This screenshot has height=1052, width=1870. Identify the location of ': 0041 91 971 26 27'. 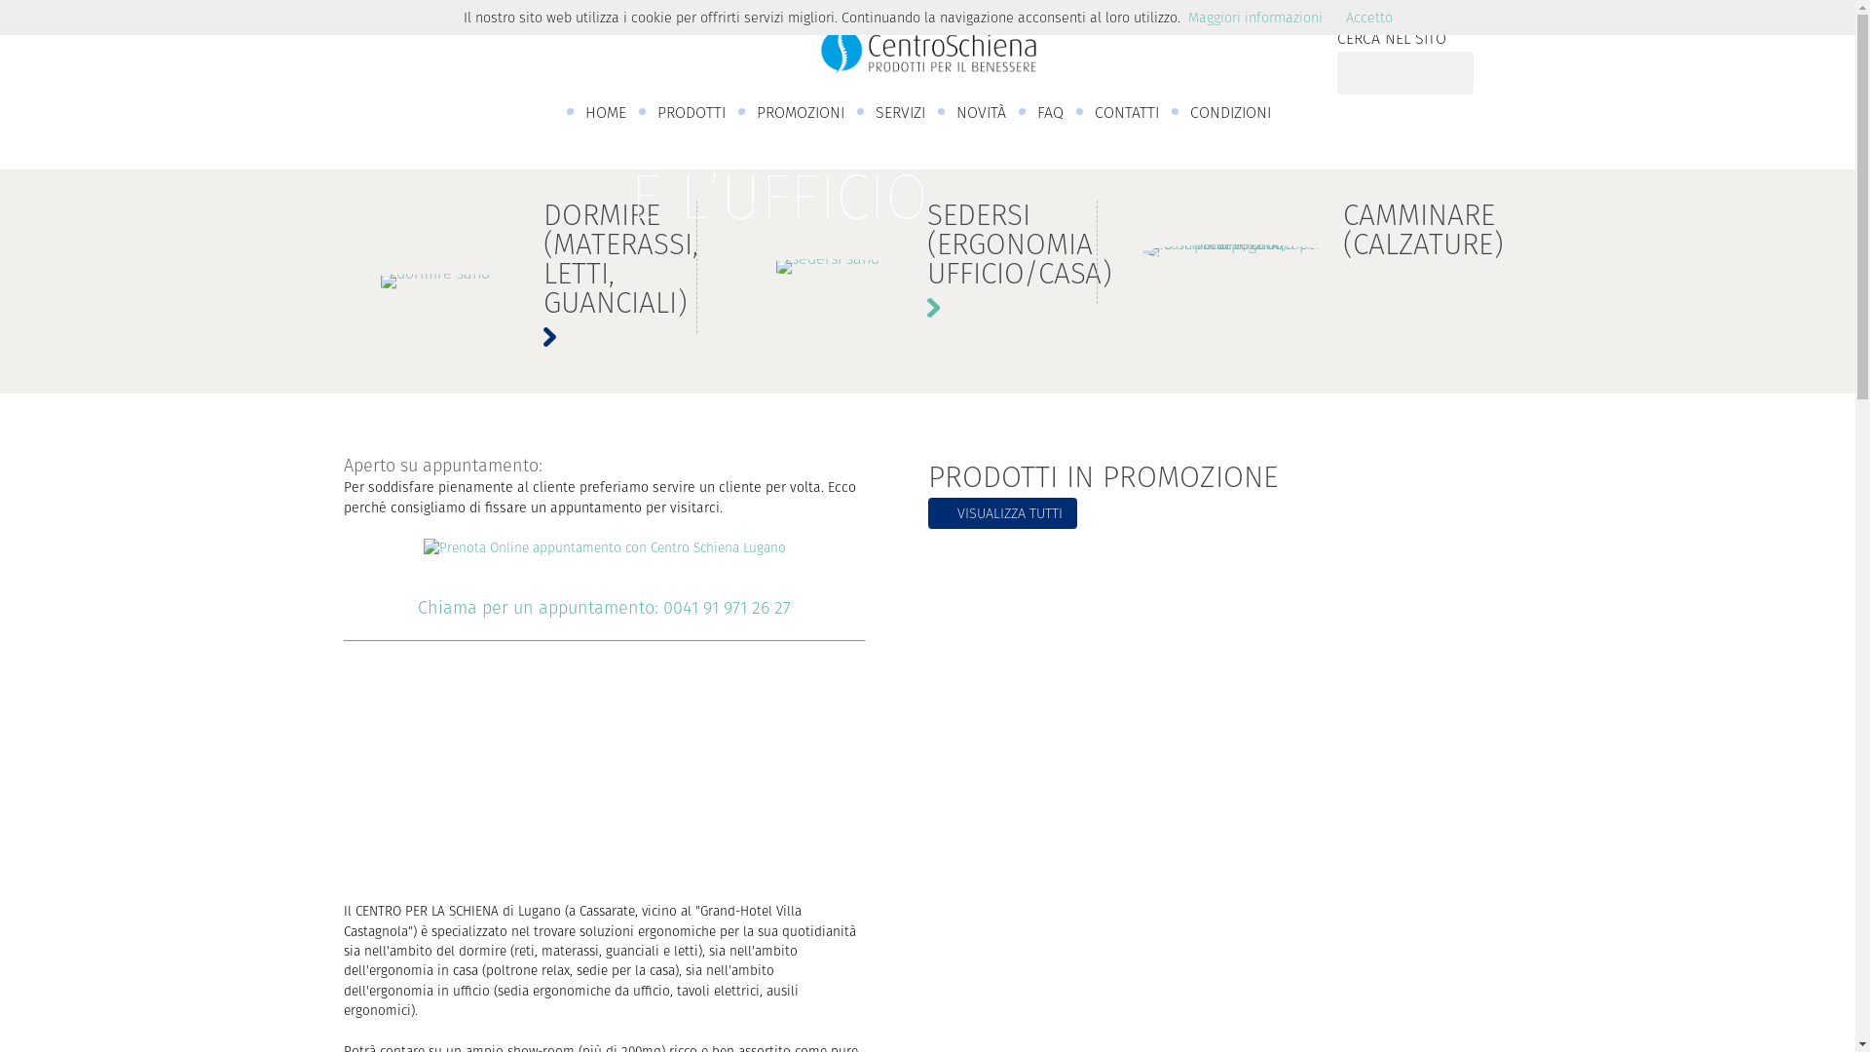
(722, 608).